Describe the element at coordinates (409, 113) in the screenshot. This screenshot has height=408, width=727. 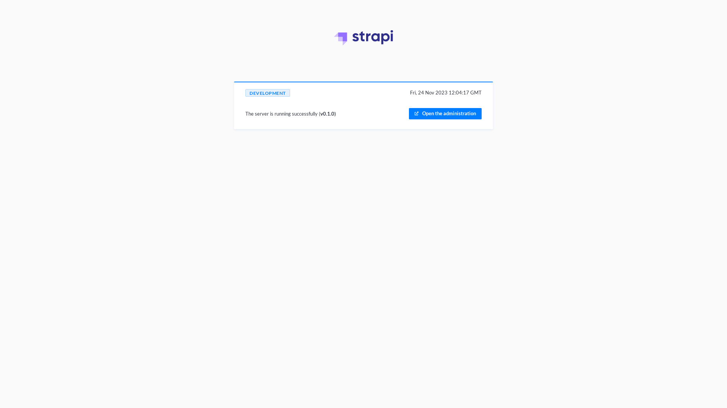
I see `'Open the administration'` at that location.